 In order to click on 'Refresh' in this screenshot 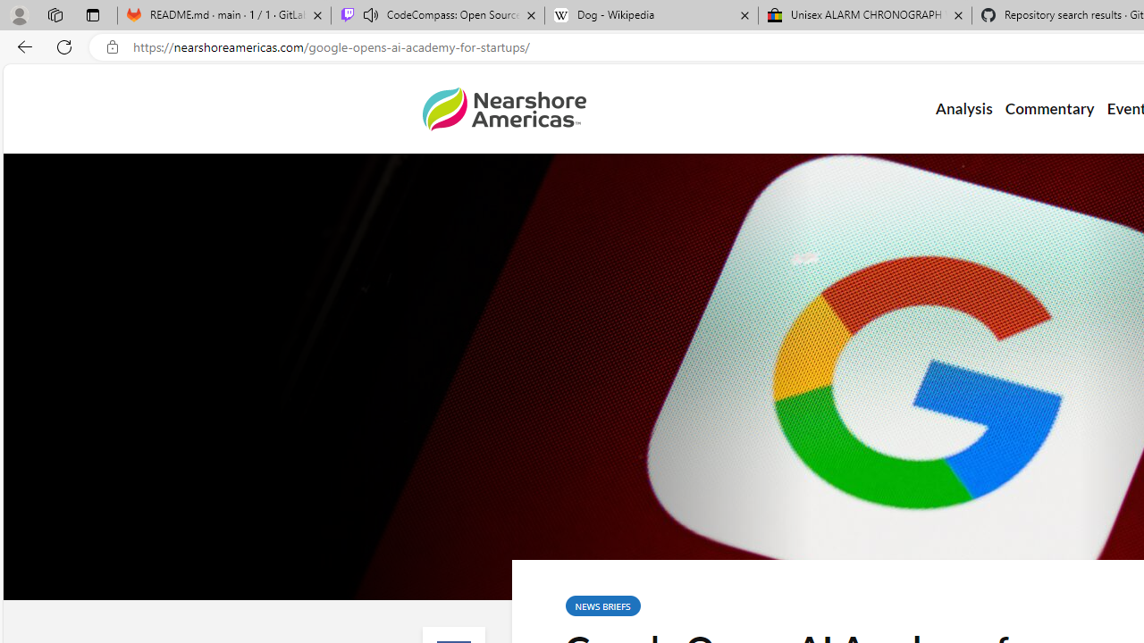, I will do `click(64, 46)`.